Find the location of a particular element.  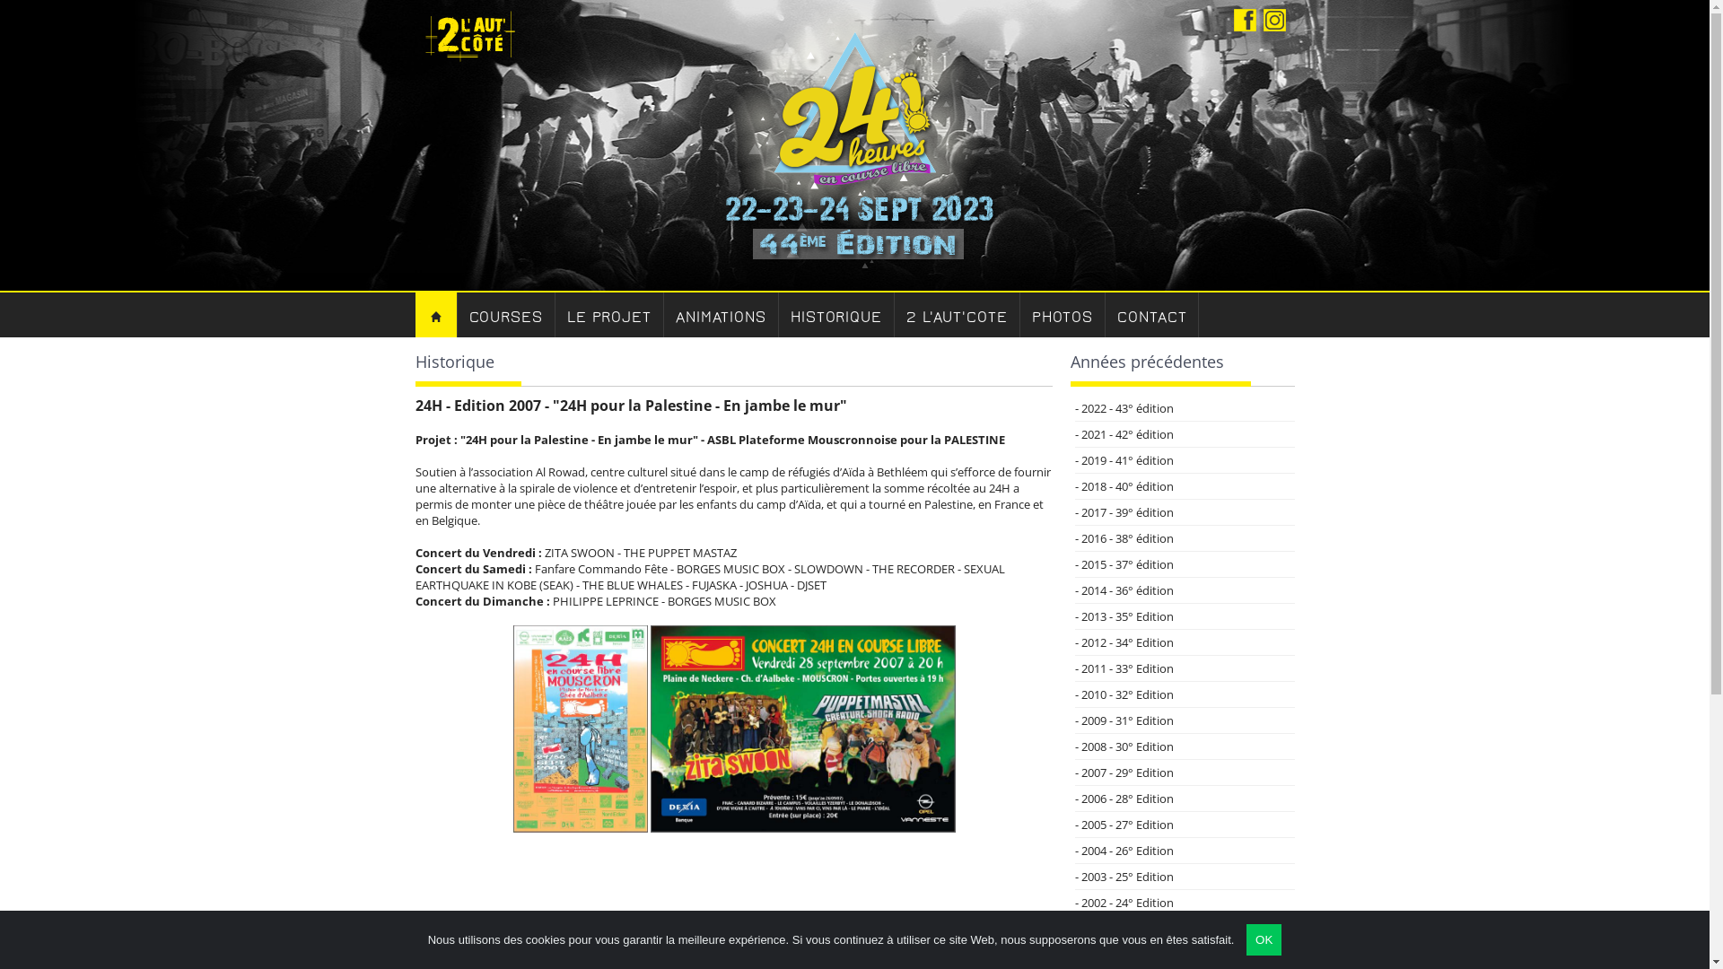

'2 L'AUT'COTE' is located at coordinates (956, 314).